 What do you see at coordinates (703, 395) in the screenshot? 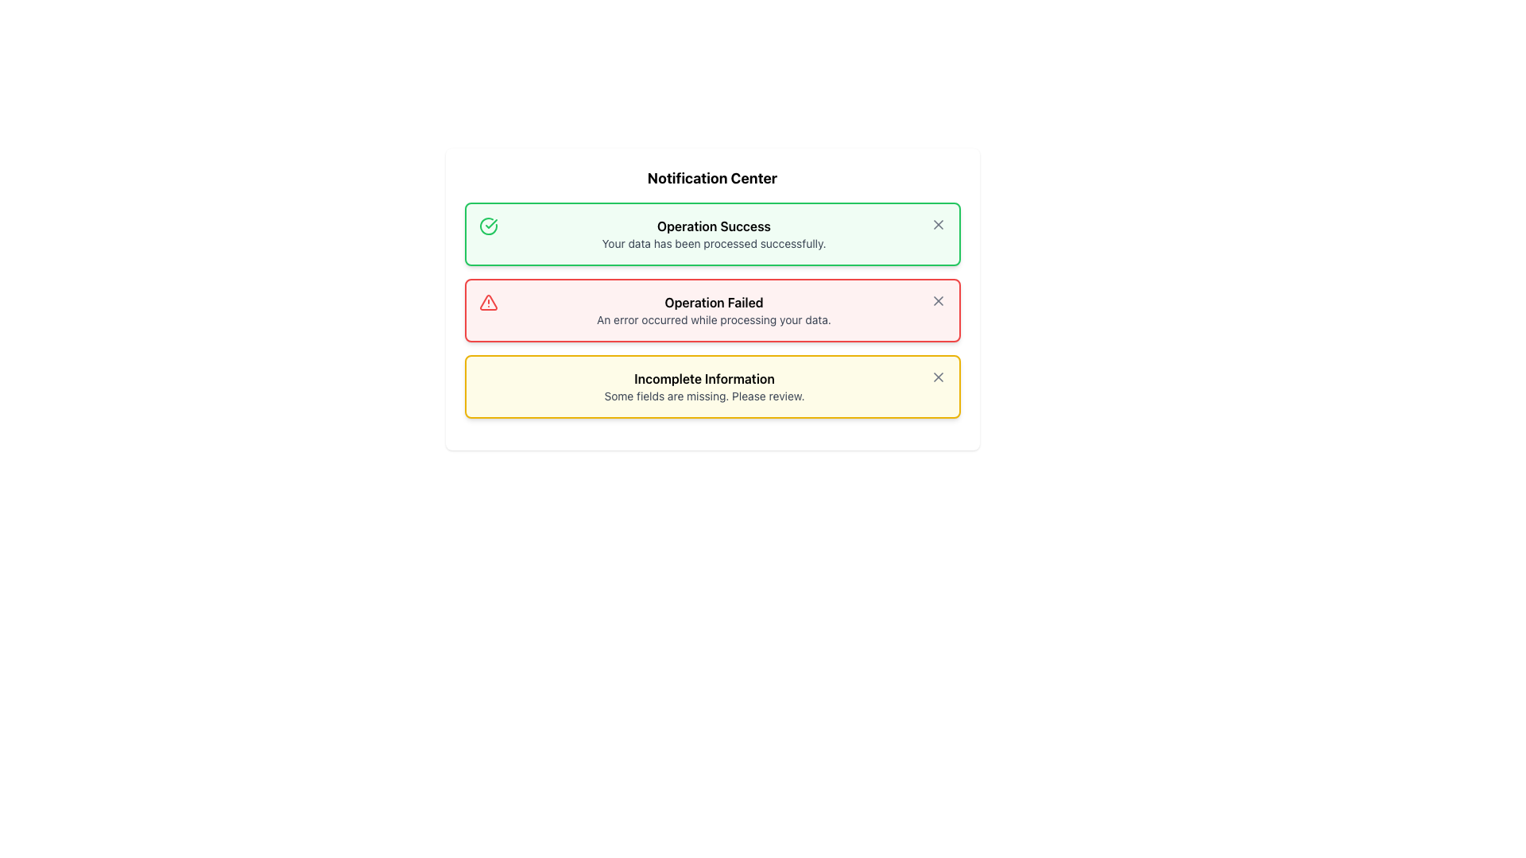
I see `the static text element providing additional information related to the warning in the notification box, which is positioned below the title 'Incomplete Information'` at bounding box center [703, 395].